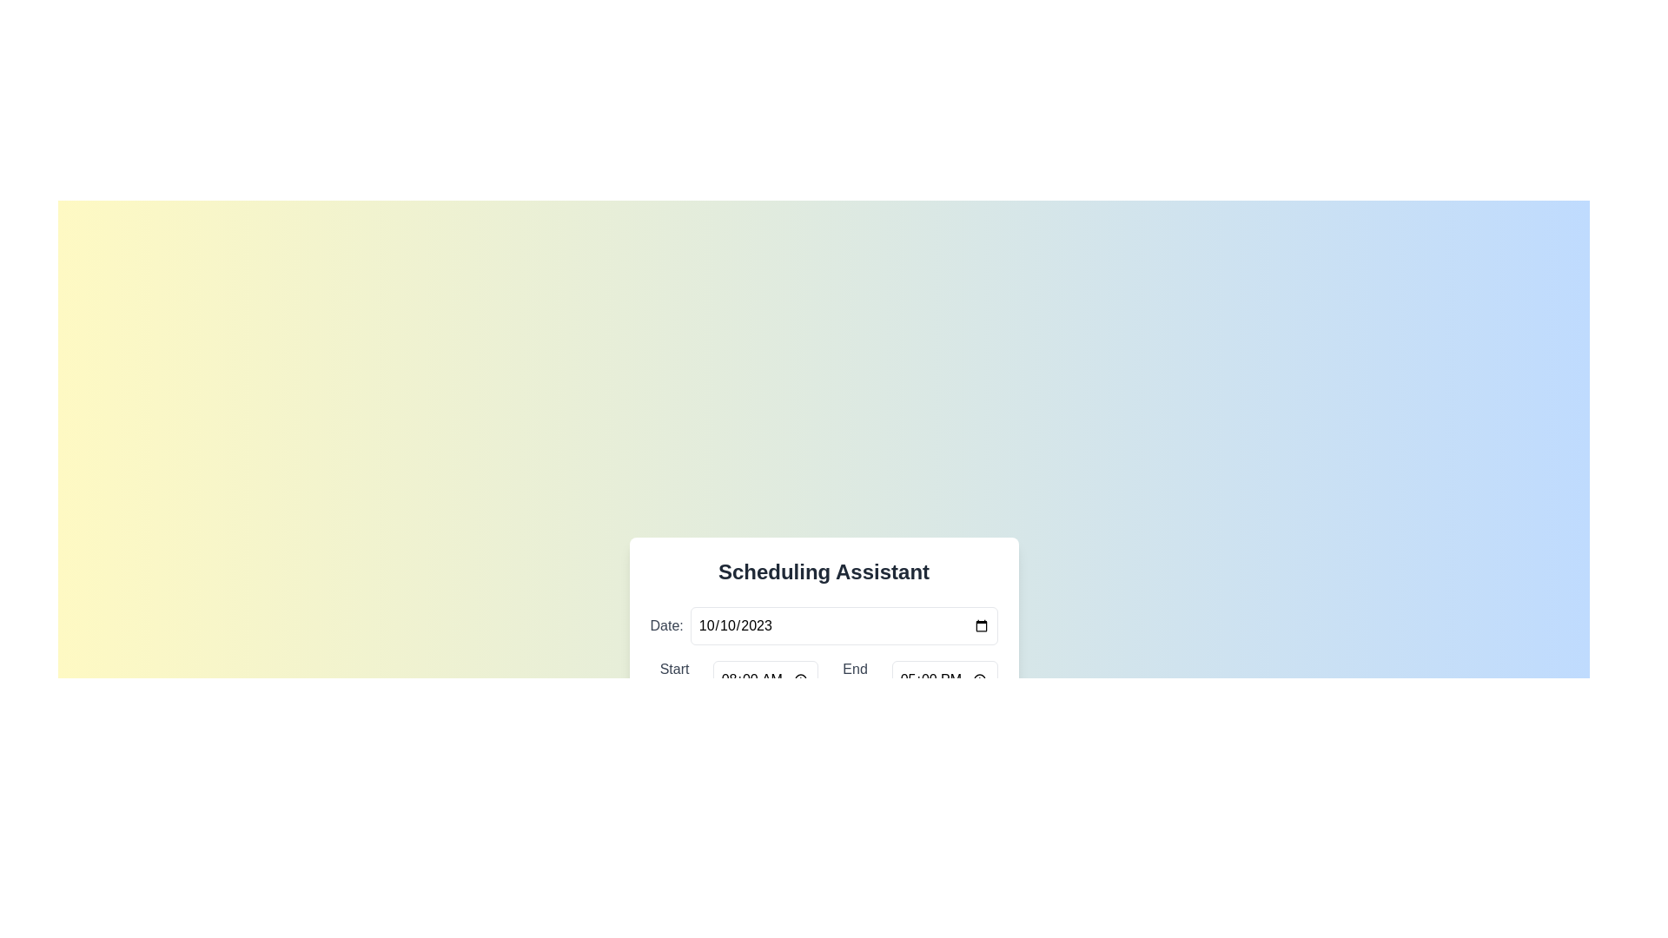 The image size is (1668, 938). Describe the element at coordinates (673, 679) in the screenshot. I see `the text label indicating the start time of an event, which is located above the '08:00' time input field and to the left of the 'End Time:' label` at that location.